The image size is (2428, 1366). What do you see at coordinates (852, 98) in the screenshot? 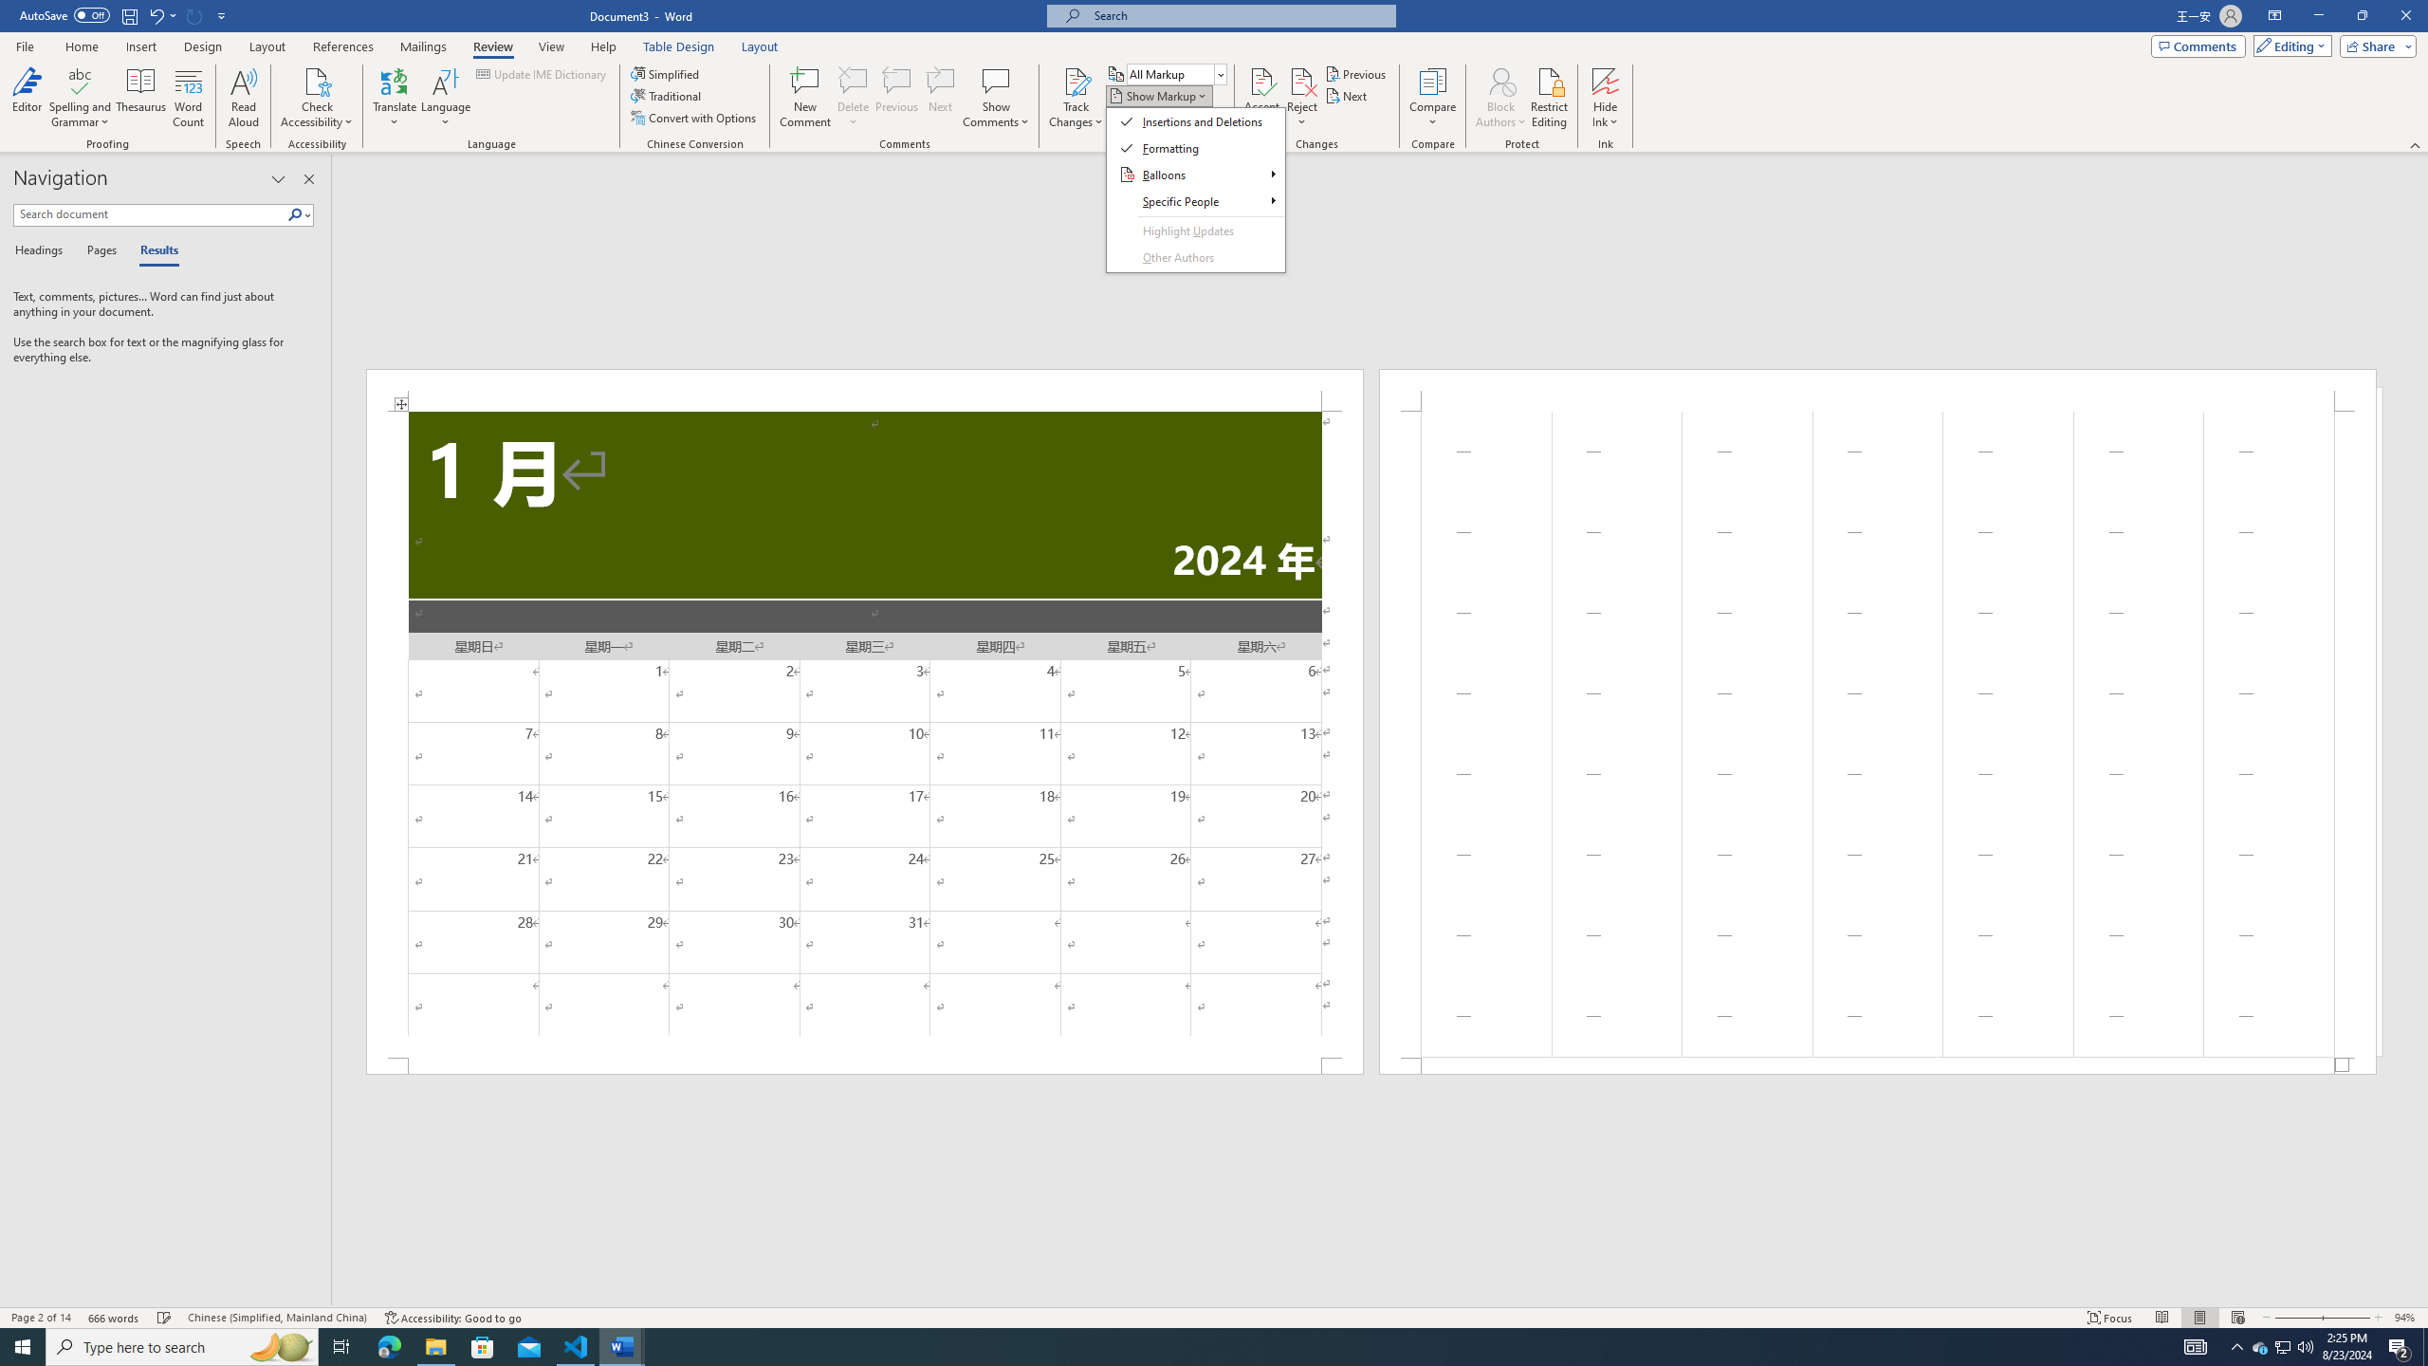
I see `'Delete'` at bounding box center [852, 98].